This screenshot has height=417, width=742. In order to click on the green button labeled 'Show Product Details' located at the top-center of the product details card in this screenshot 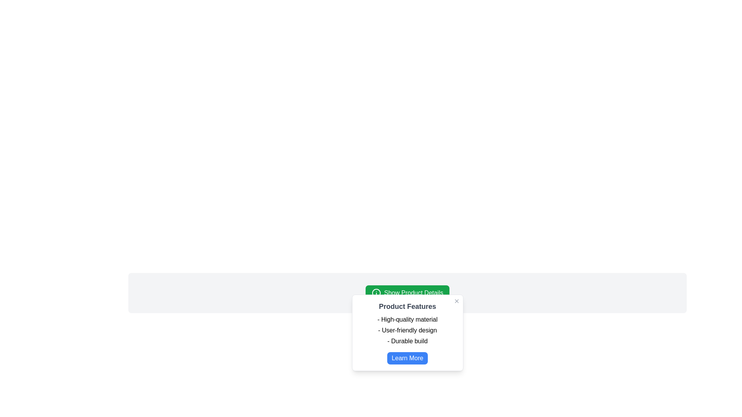, I will do `click(407, 293)`.